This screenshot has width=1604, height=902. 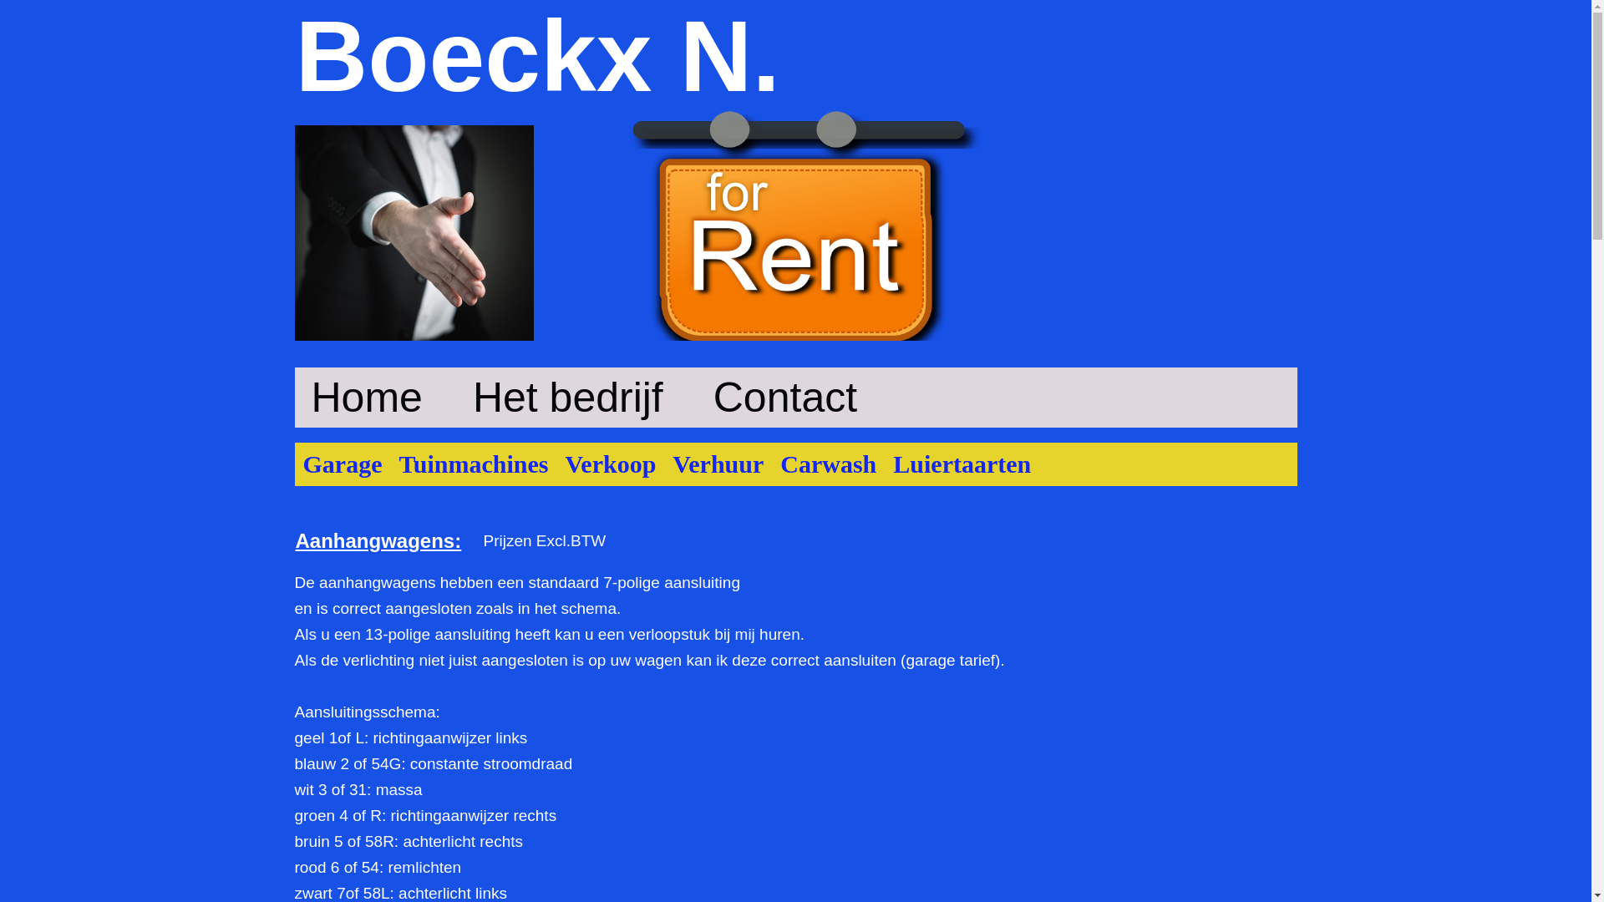 What do you see at coordinates (784, 397) in the screenshot?
I see `'Contact'` at bounding box center [784, 397].